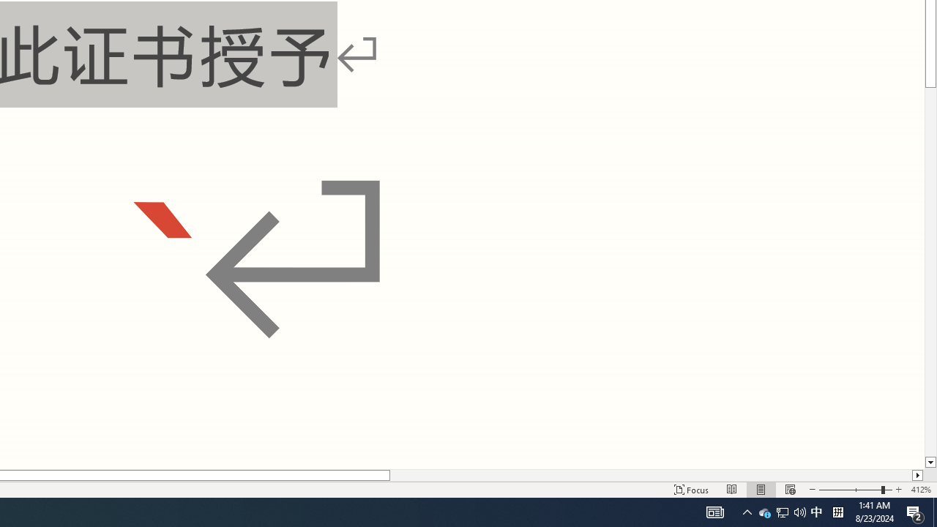 This screenshot has height=527, width=937. I want to click on 'Zoom 412%', so click(920, 490).